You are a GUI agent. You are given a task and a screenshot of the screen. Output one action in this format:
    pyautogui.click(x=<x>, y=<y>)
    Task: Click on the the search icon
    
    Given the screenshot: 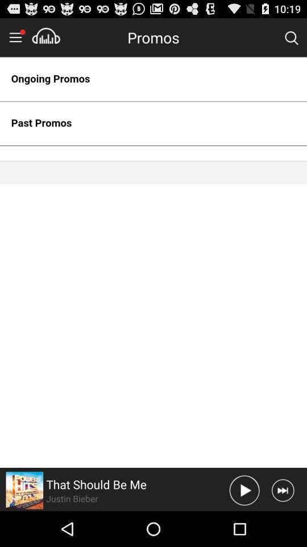 What is the action you would take?
    pyautogui.click(x=291, y=40)
    